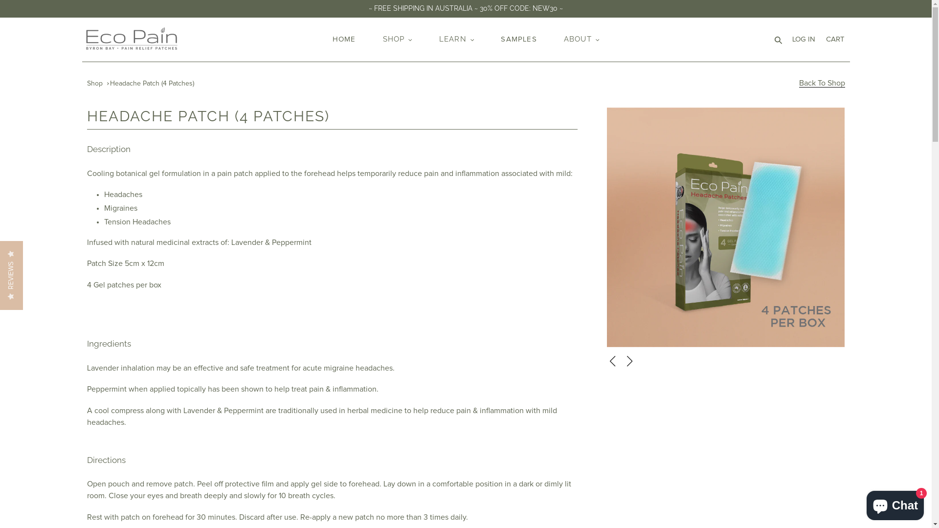 The height and width of the screenshot is (528, 939). Describe the element at coordinates (581, 39) in the screenshot. I see `'ABOUT'` at that location.